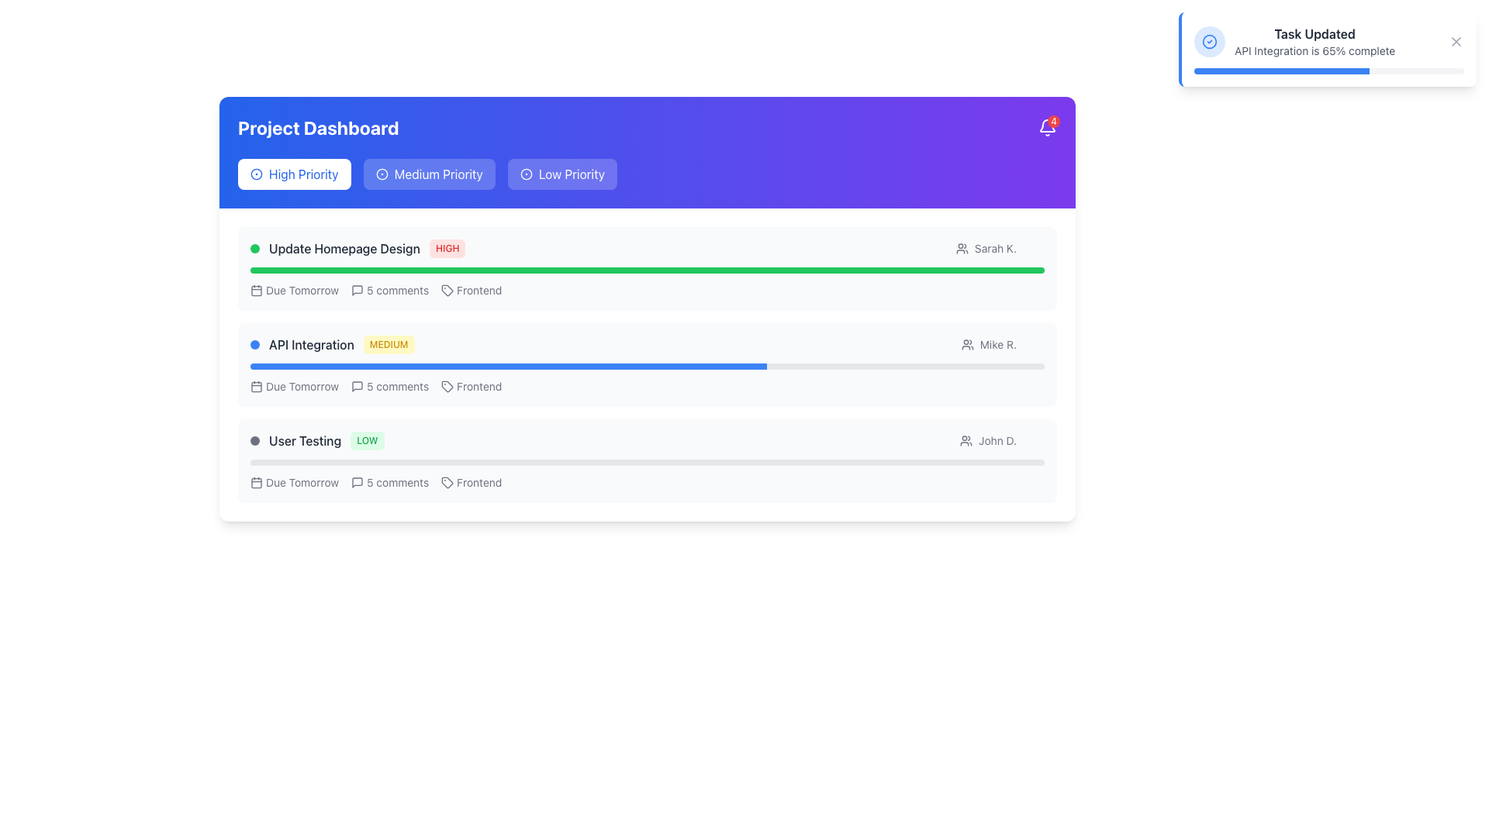 The height and width of the screenshot is (837, 1489). Describe the element at coordinates (382, 174) in the screenshot. I see `the Icon graphic element within the 'Medium Priority' button` at that location.